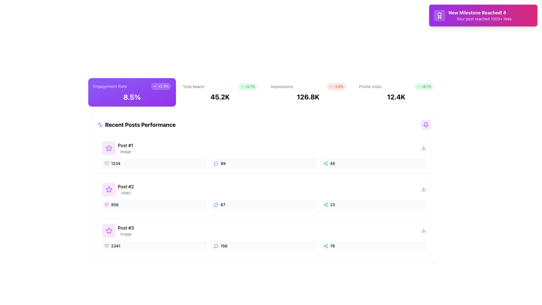 The image size is (542, 305). What do you see at coordinates (125, 189) in the screenshot?
I see `text block that serves as the title and descriptor for the second post in the 'Recent Posts Performance' section, indicating that it contains a video` at bounding box center [125, 189].